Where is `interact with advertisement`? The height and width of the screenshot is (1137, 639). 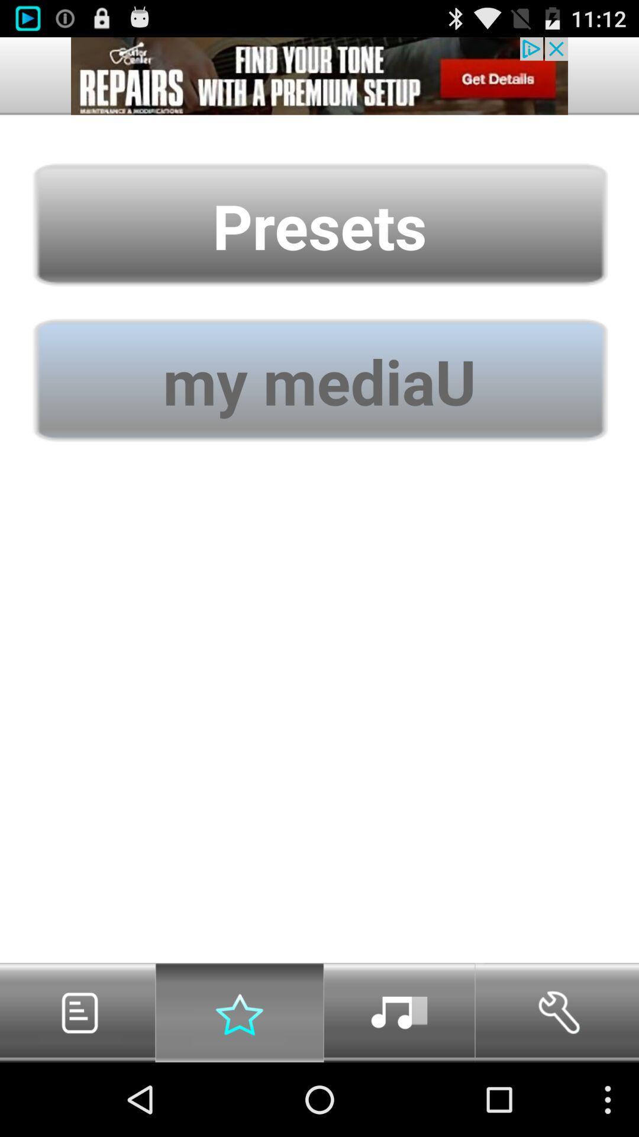 interact with advertisement is located at coordinates (319, 75).